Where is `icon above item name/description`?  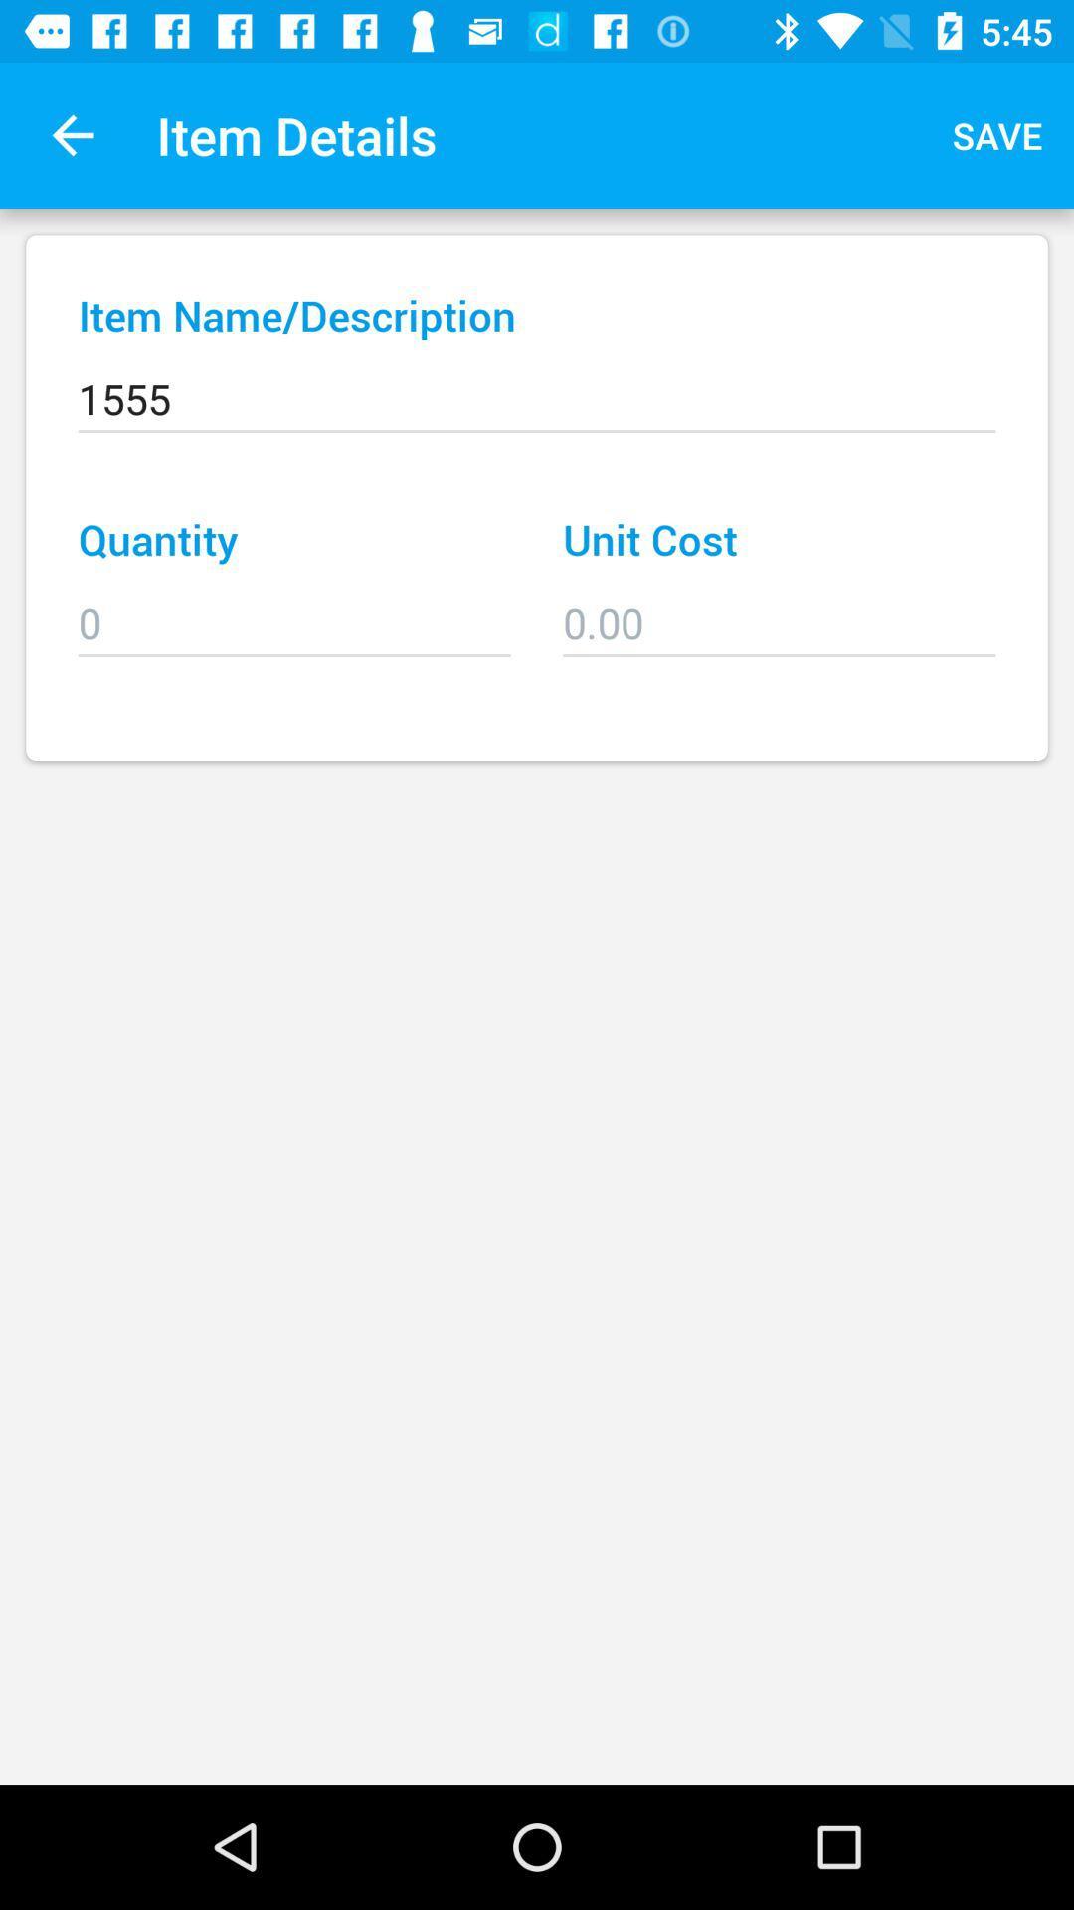
icon above item name/description is located at coordinates (997, 134).